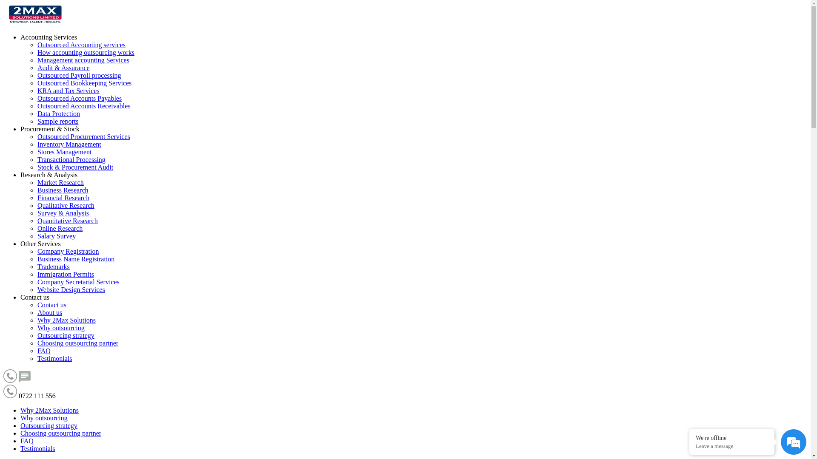 This screenshot has height=459, width=817. I want to click on 'Market Research', so click(60, 182).